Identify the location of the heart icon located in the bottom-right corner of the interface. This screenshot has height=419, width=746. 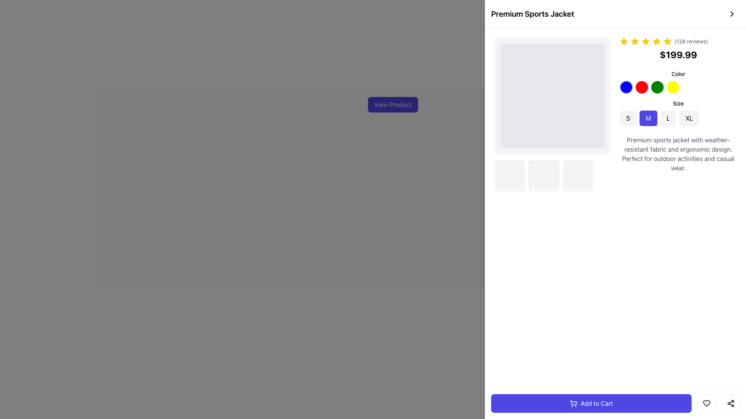
(707, 403).